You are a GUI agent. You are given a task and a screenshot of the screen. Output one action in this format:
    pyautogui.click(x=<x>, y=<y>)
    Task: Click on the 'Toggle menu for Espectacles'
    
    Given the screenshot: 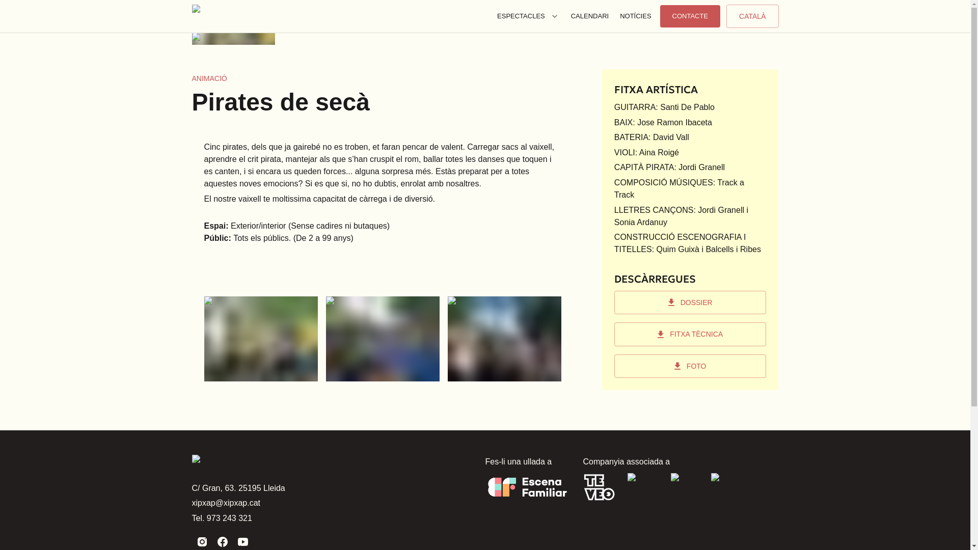 What is the action you would take?
    pyautogui.click(x=554, y=16)
    